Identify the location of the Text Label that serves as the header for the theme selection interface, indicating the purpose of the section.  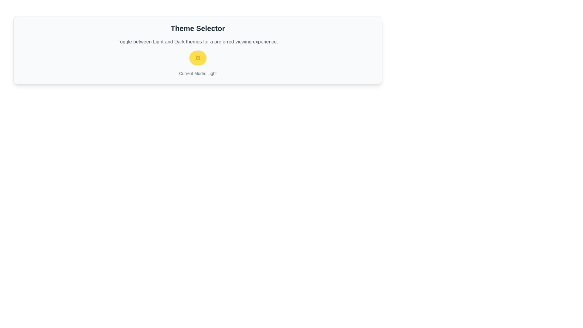
(198, 28).